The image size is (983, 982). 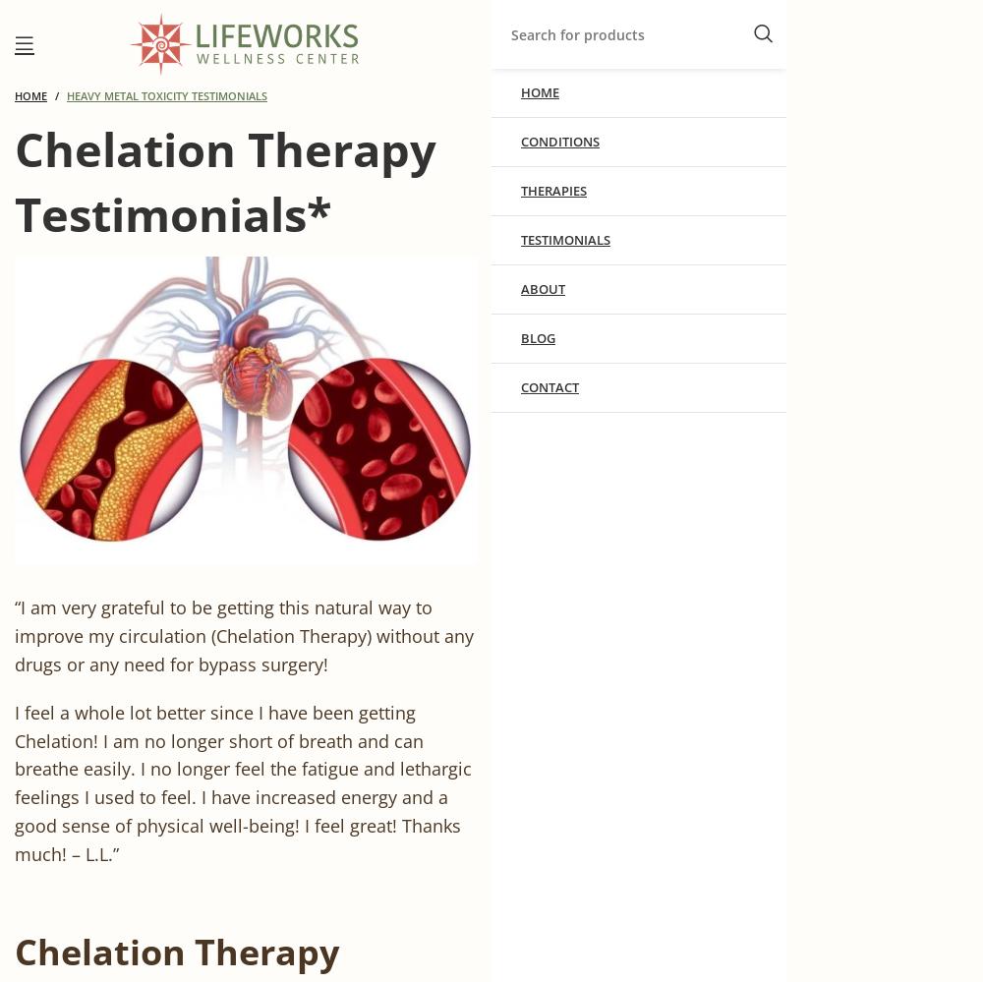 What do you see at coordinates (543, 287) in the screenshot?
I see `'About'` at bounding box center [543, 287].